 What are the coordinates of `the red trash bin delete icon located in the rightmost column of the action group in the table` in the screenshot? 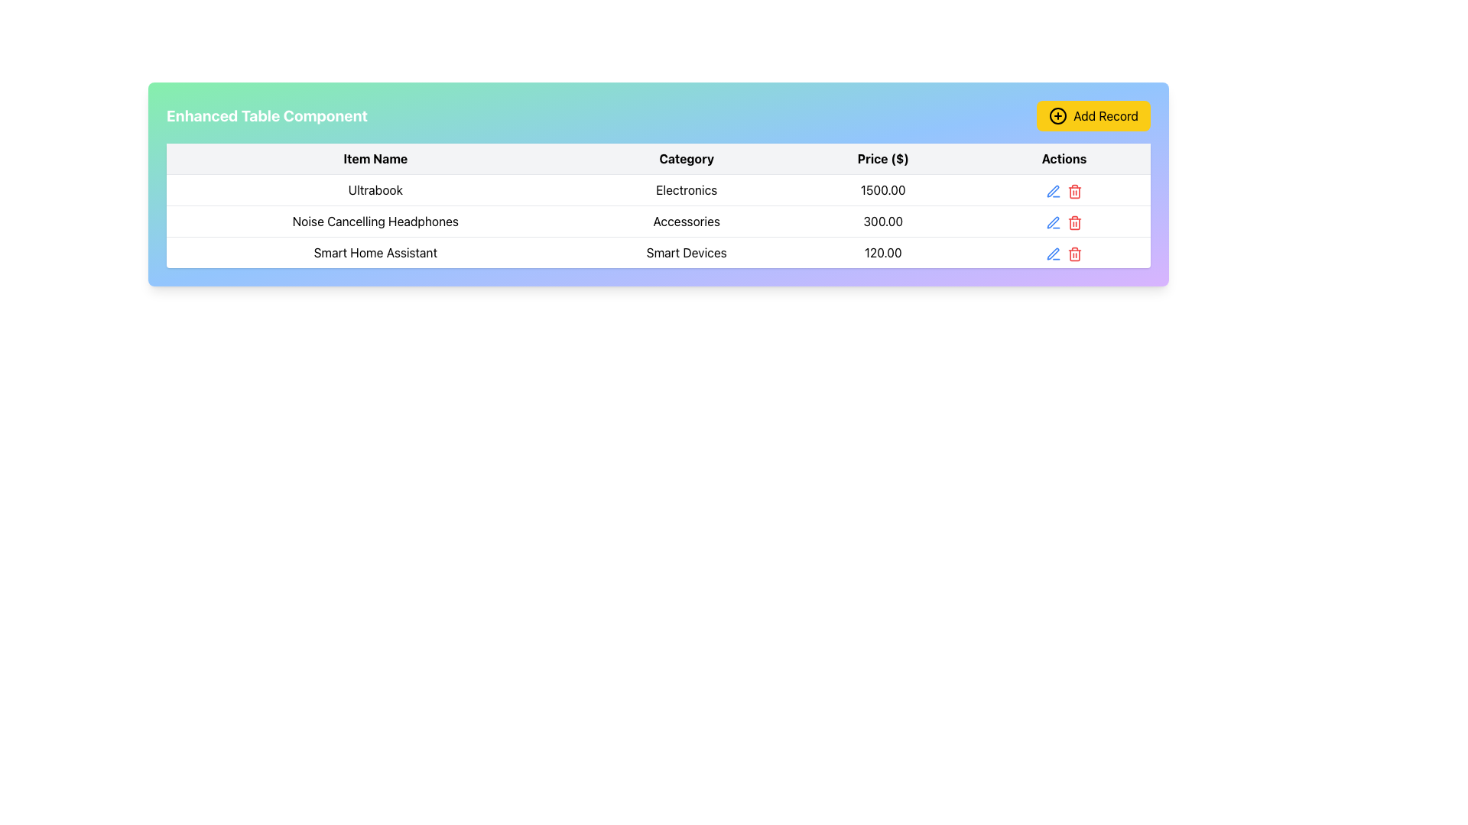 It's located at (1063, 189).